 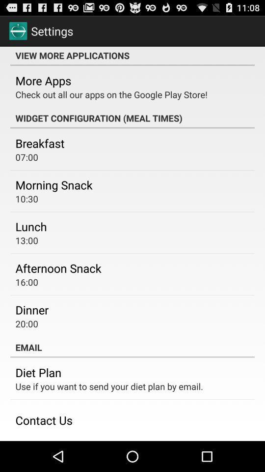 What do you see at coordinates (32, 309) in the screenshot?
I see `the dinner app` at bounding box center [32, 309].